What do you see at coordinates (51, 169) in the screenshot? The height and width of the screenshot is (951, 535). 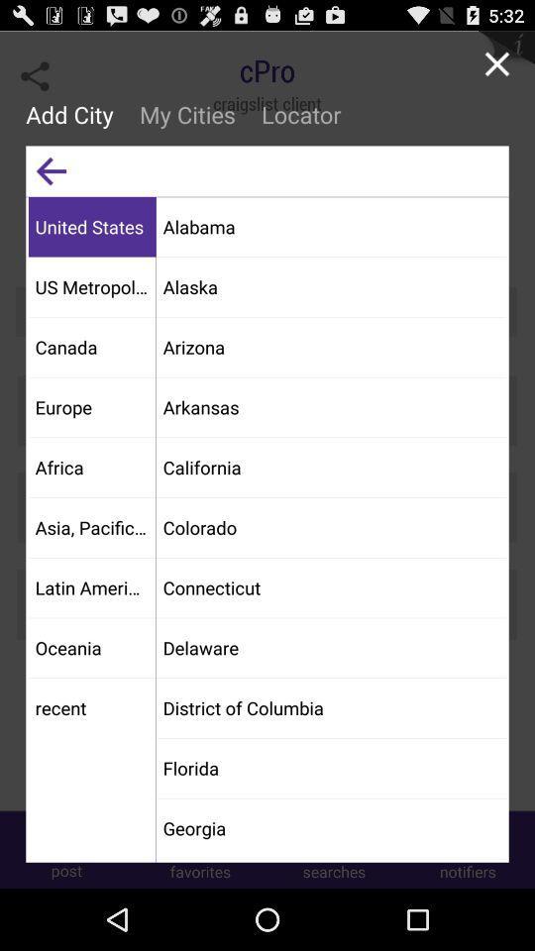 I see `go back` at bounding box center [51, 169].